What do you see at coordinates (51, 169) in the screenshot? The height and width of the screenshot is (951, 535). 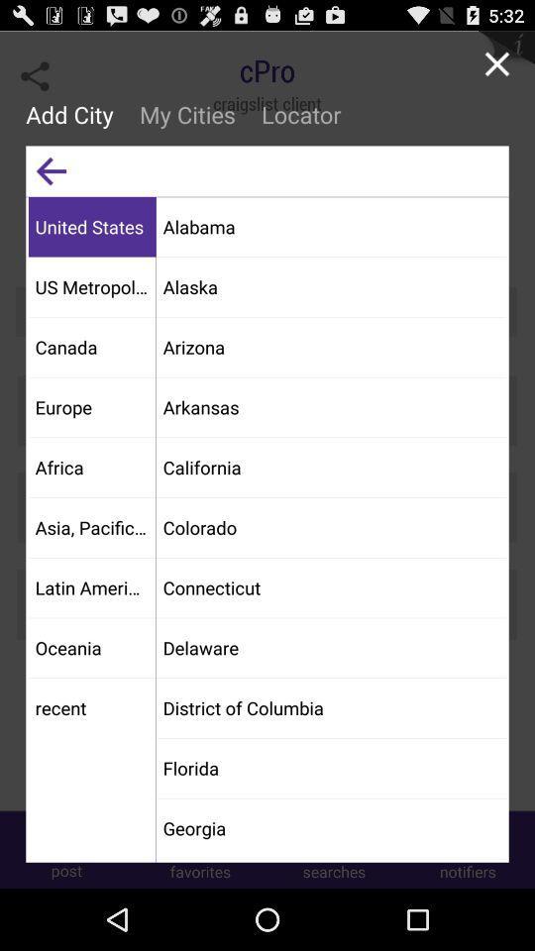 I see `go back` at bounding box center [51, 169].